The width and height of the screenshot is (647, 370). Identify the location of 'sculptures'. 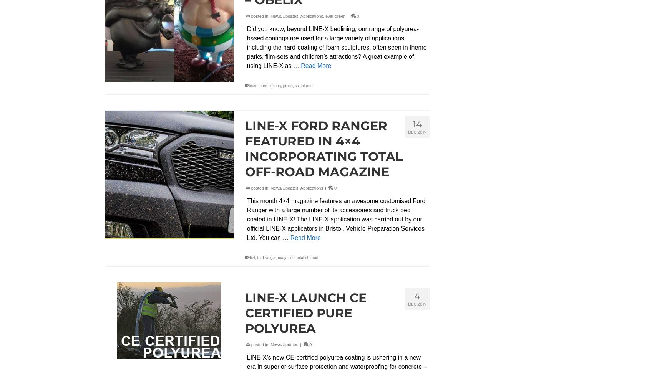
(303, 85).